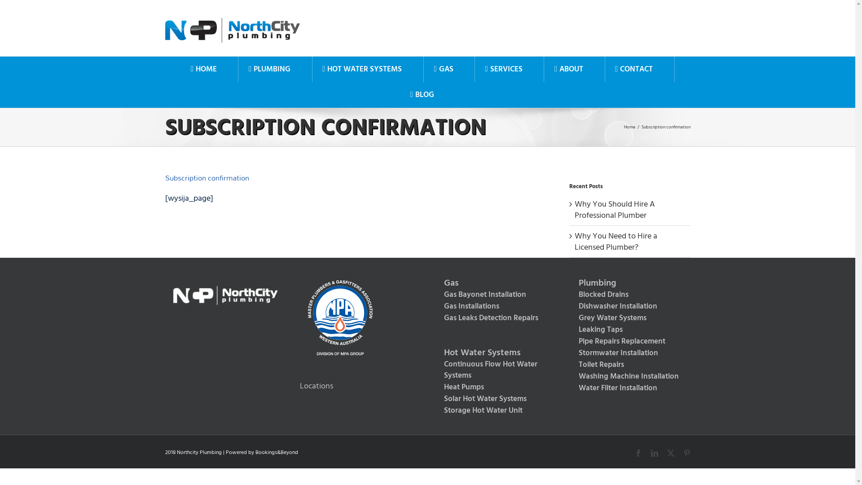  Describe the element at coordinates (254, 452) in the screenshot. I see `'Bookings&Beyond'` at that location.